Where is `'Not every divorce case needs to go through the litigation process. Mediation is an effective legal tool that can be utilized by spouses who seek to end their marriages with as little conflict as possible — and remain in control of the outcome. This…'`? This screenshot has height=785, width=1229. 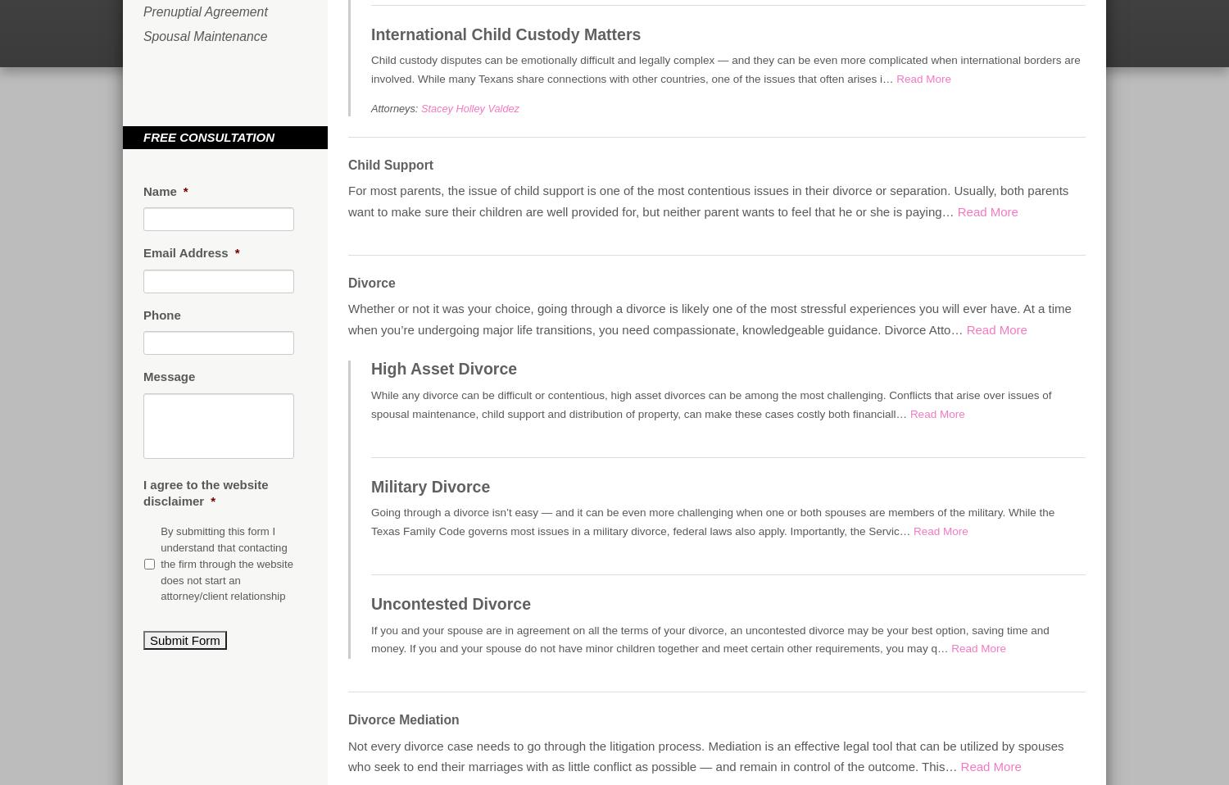 'Not every divorce case needs to go through the litigation process. Mediation is an effective legal tool that can be utilized by spouses who seek to end their marriages with as little conflict as possible — and remain in control of the outcome. This…' is located at coordinates (705, 756).